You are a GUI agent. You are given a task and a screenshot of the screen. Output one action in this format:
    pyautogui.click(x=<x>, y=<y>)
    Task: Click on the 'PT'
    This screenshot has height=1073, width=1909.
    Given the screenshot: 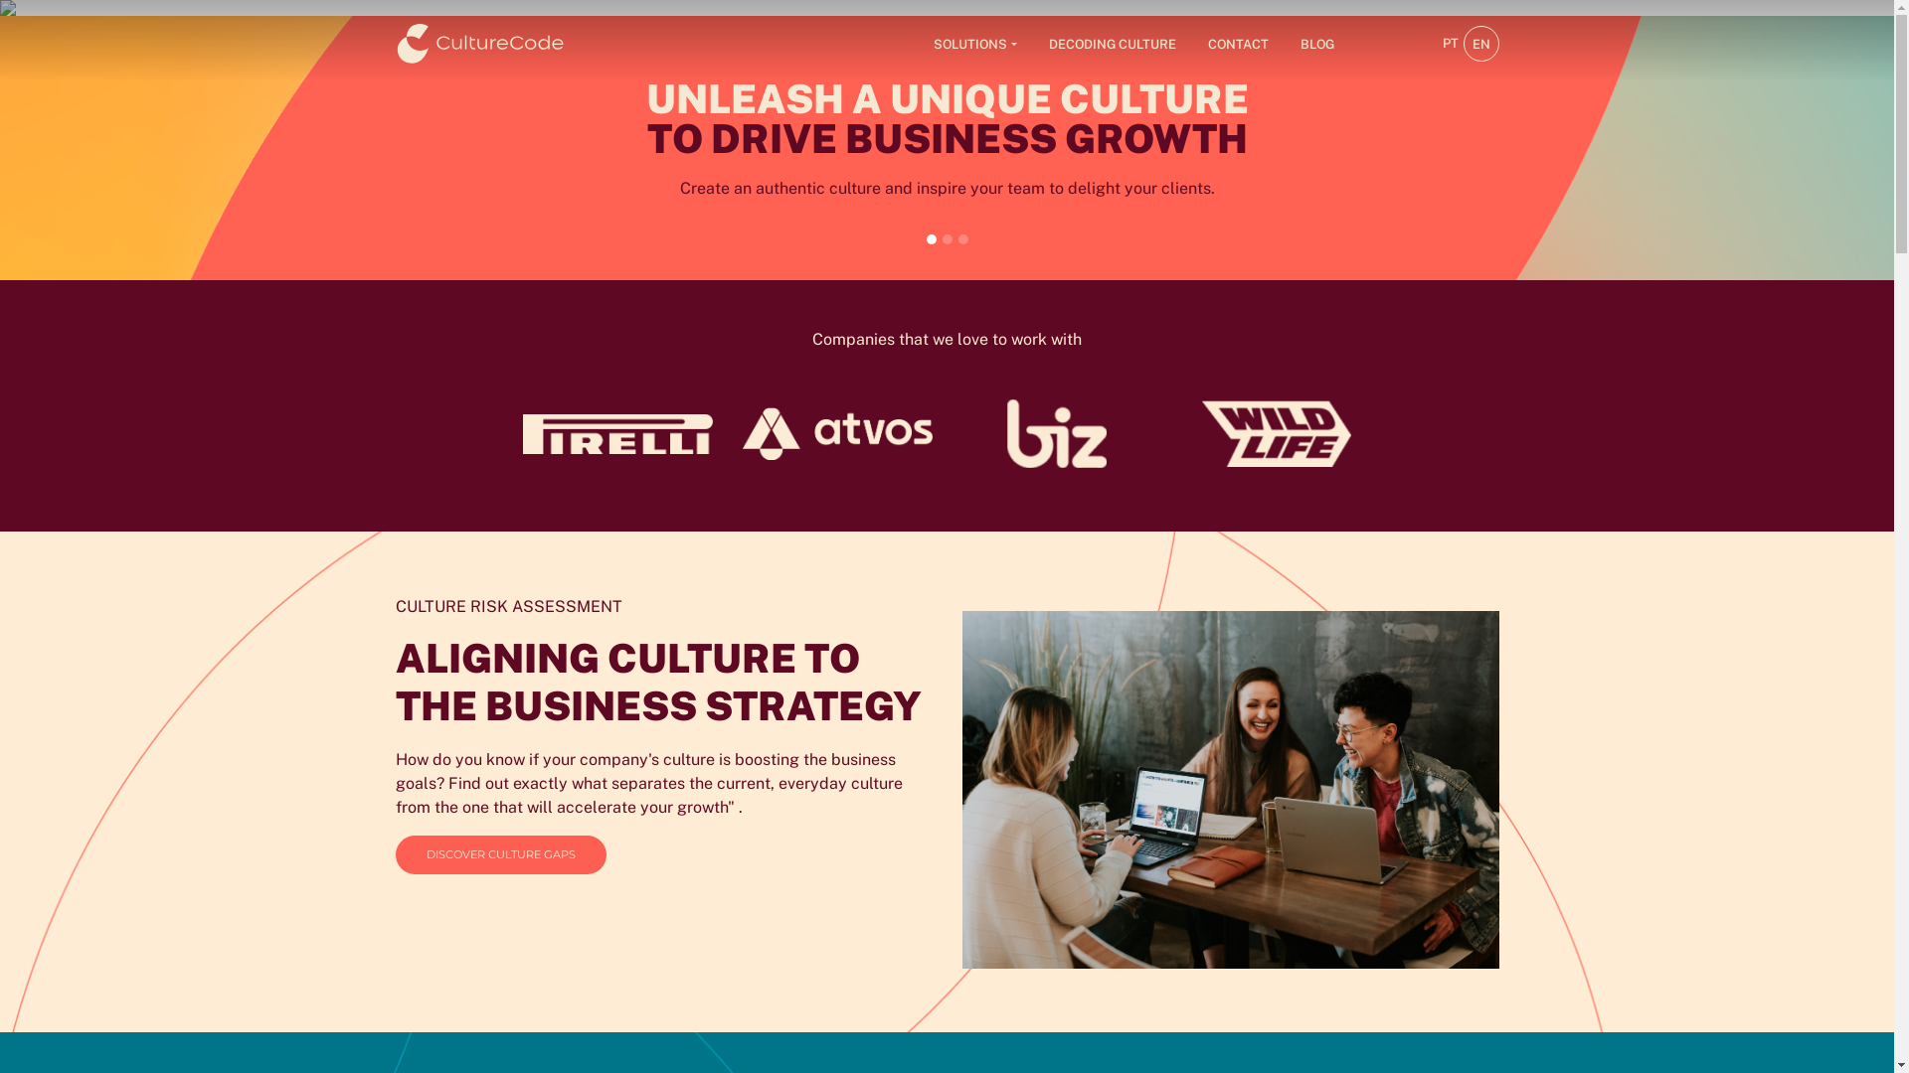 What is the action you would take?
    pyautogui.click(x=1441, y=43)
    